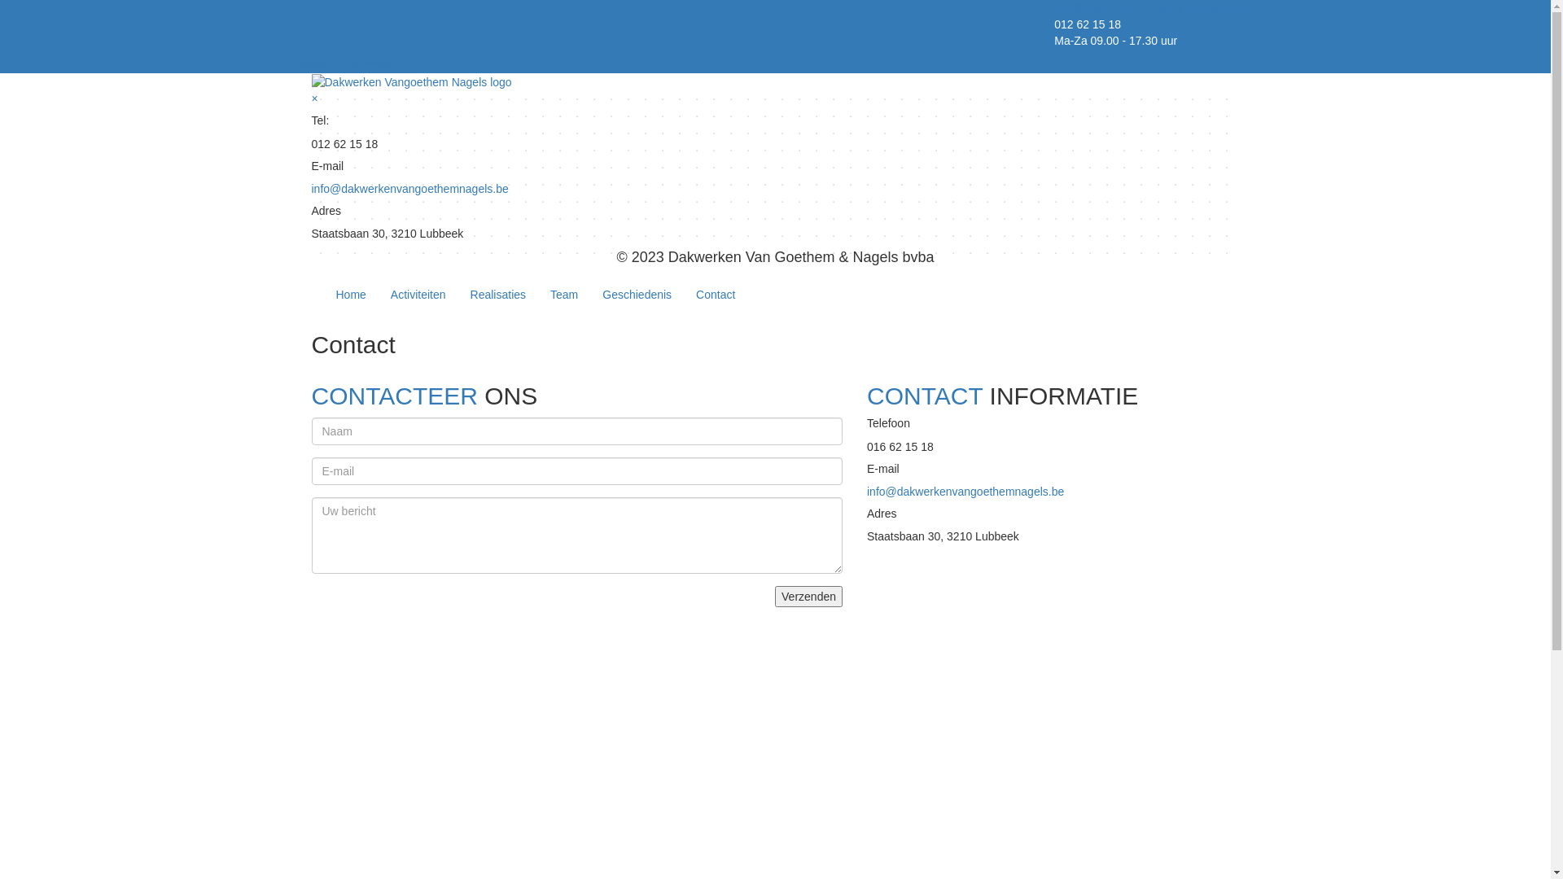 The width and height of the screenshot is (1563, 879). I want to click on 'Home', so click(350, 295).